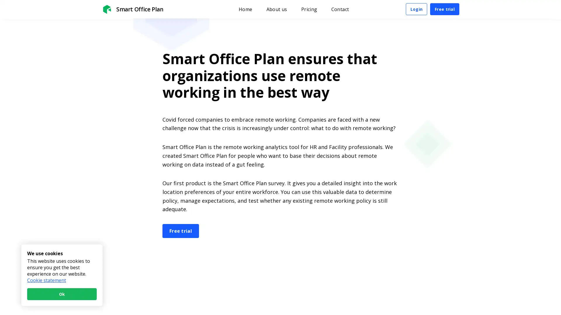  I want to click on Free trial, so click(180, 230).